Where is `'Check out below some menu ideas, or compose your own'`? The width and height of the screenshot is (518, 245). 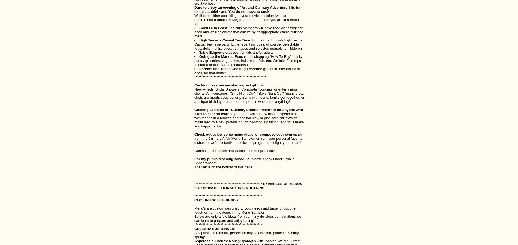
'Check out below some menu ideas, or compose your own' is located at coordinates (243, 134).